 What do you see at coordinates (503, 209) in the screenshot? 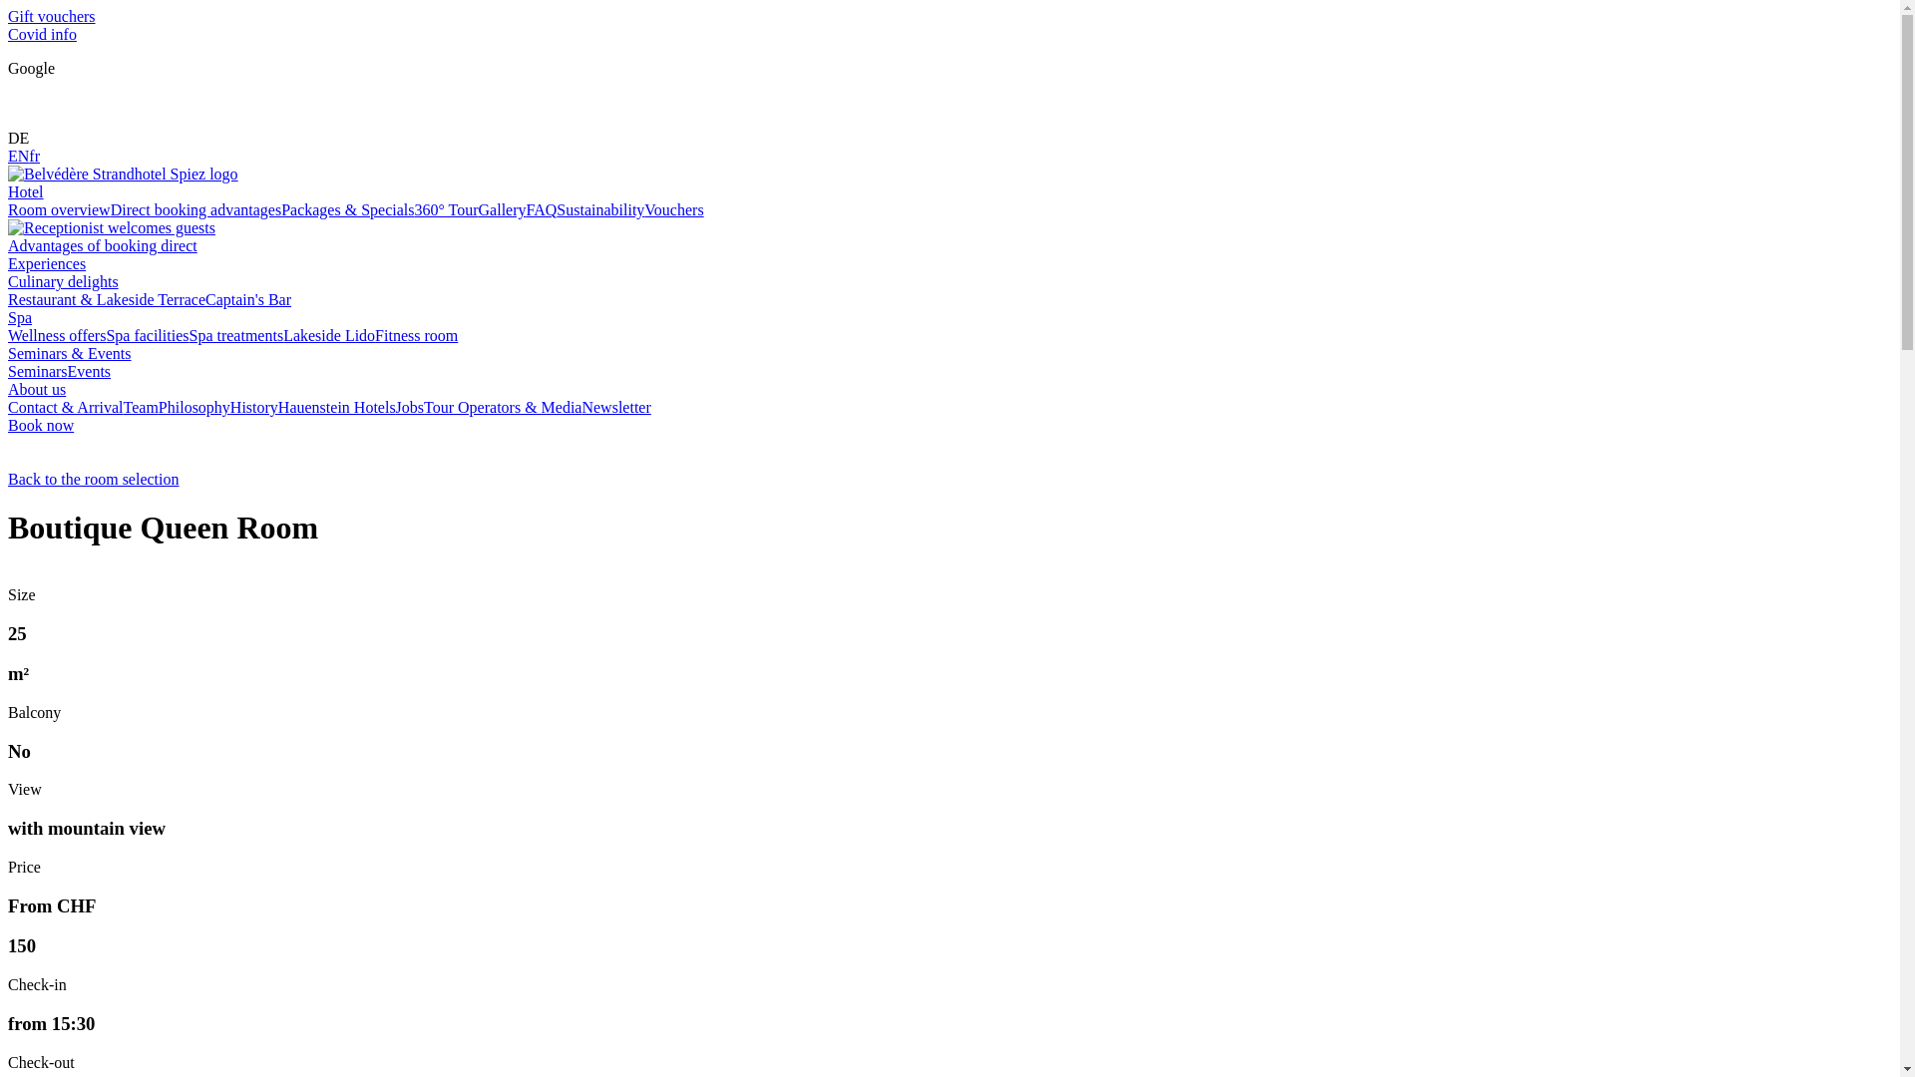
I see `'Gallery'` at bounding box center [503, 209].